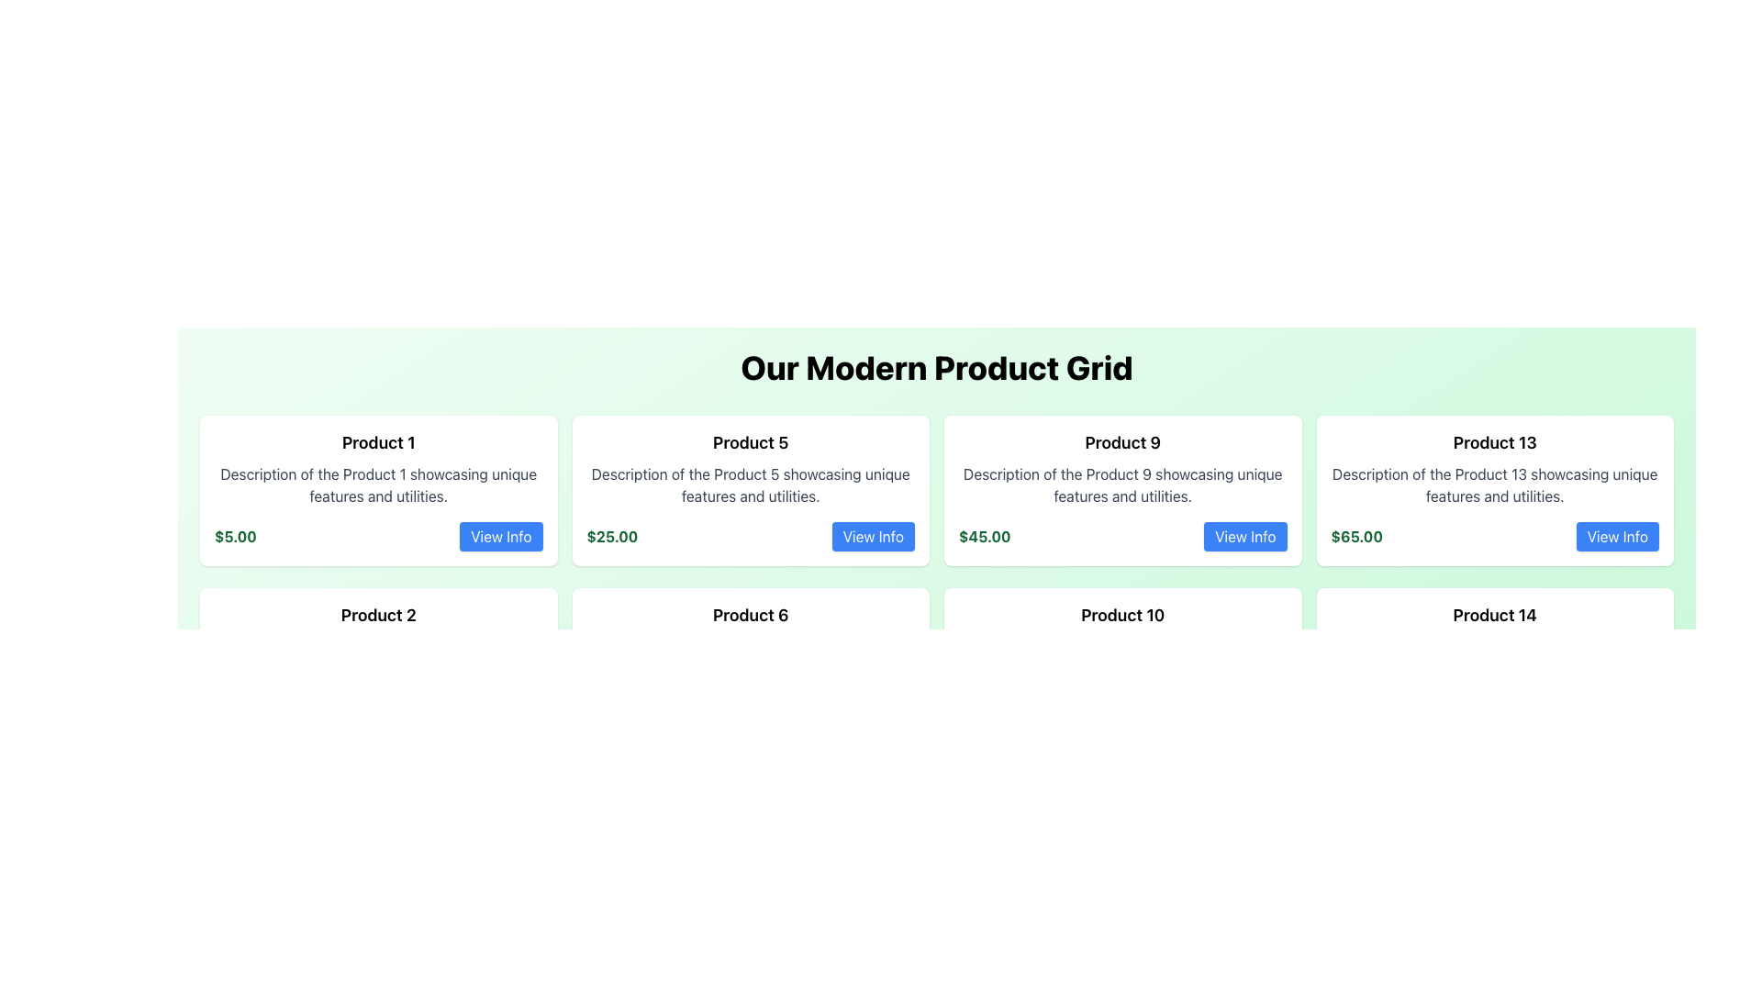 The height and width of the screenshot is (991, 1762). Describe the element at coordinates (751, 490) in the screenshot. I see `the Card element displaying the title 'Product 5' and the price '$25.00', which is the fifth item in the product grid under 'Our Modern Product Grid'` at that location.